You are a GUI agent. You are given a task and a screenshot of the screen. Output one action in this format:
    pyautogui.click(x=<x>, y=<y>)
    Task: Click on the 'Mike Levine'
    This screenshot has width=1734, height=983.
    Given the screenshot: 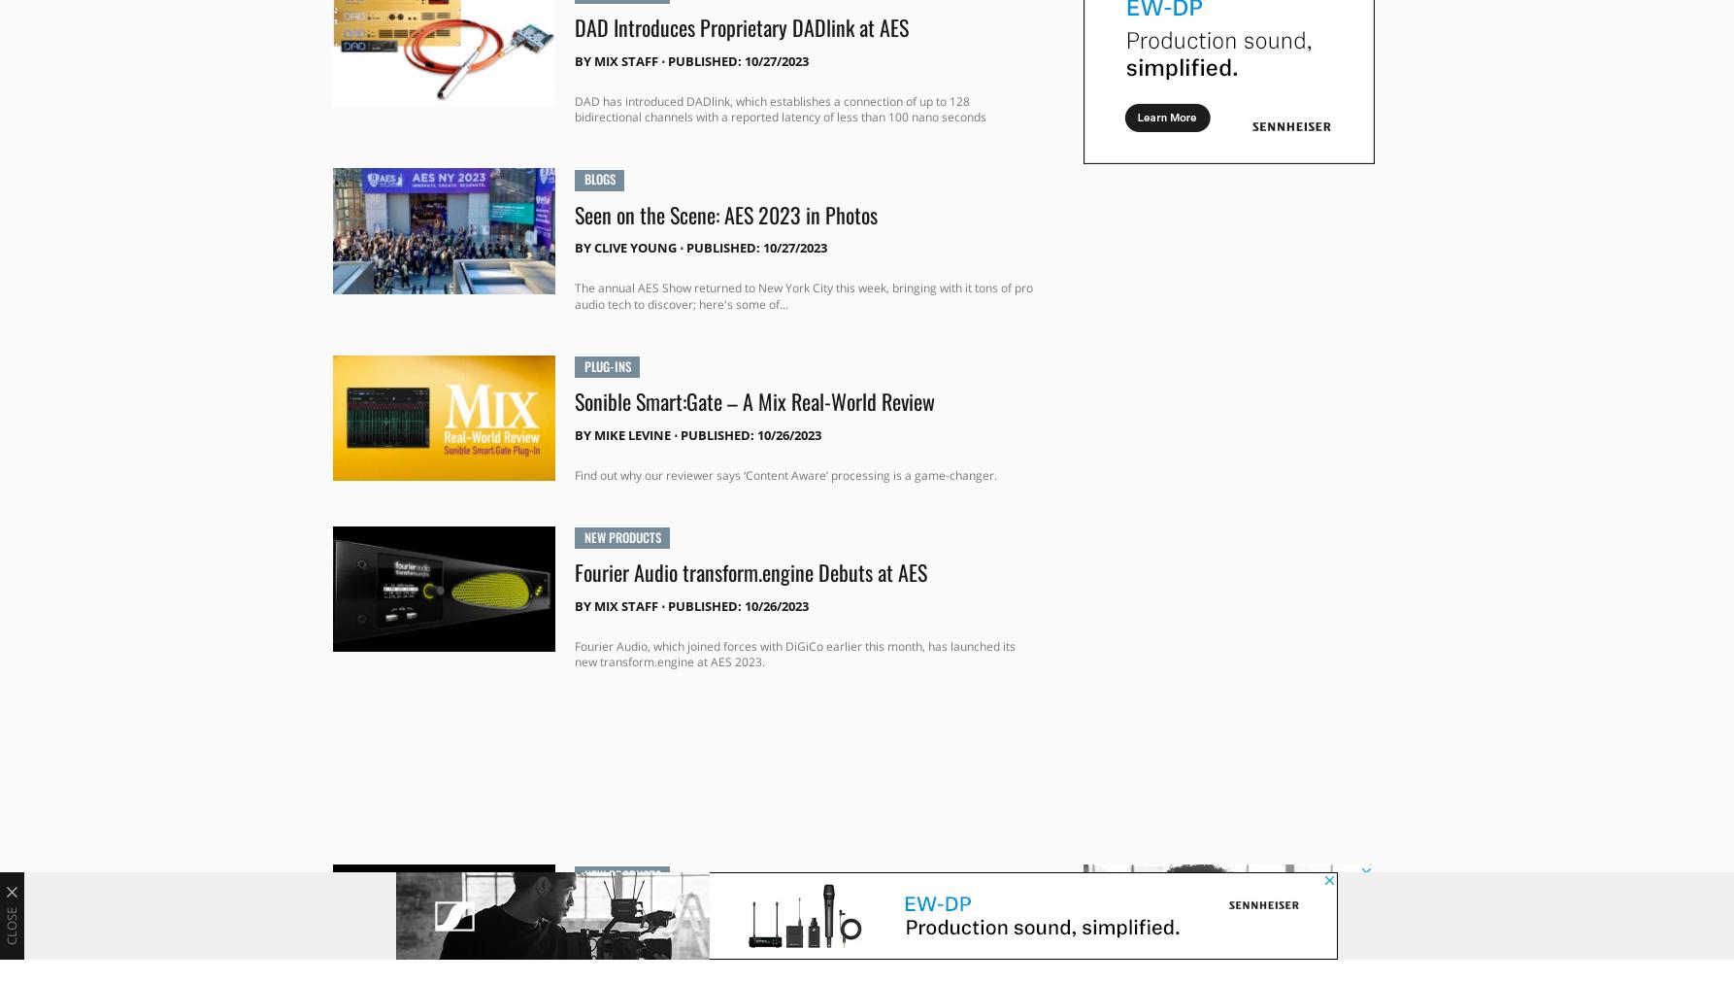 What is the action you would take?
    pyautogui.click(x=631, y=434)
    